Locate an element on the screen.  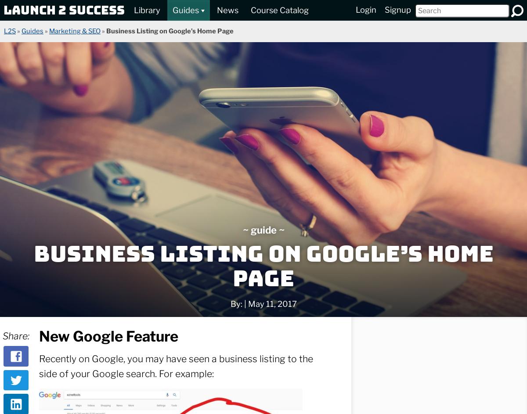
'| Dec 19, 2010' is located at coordinates (91, 403).